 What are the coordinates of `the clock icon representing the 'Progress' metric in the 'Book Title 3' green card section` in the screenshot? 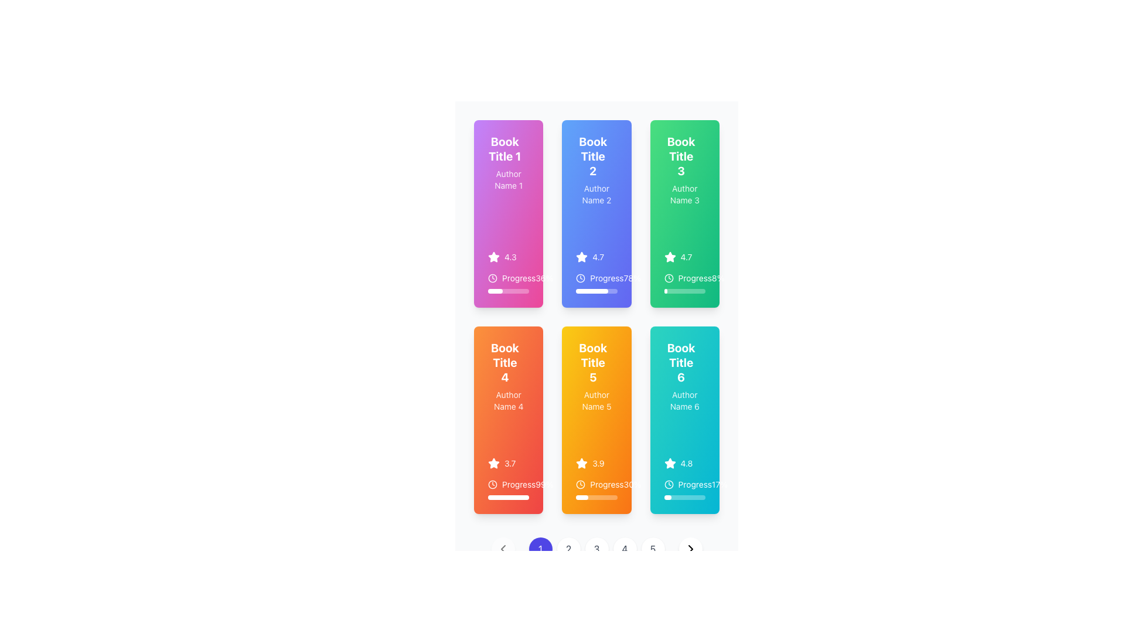 It's located at (669, 278).